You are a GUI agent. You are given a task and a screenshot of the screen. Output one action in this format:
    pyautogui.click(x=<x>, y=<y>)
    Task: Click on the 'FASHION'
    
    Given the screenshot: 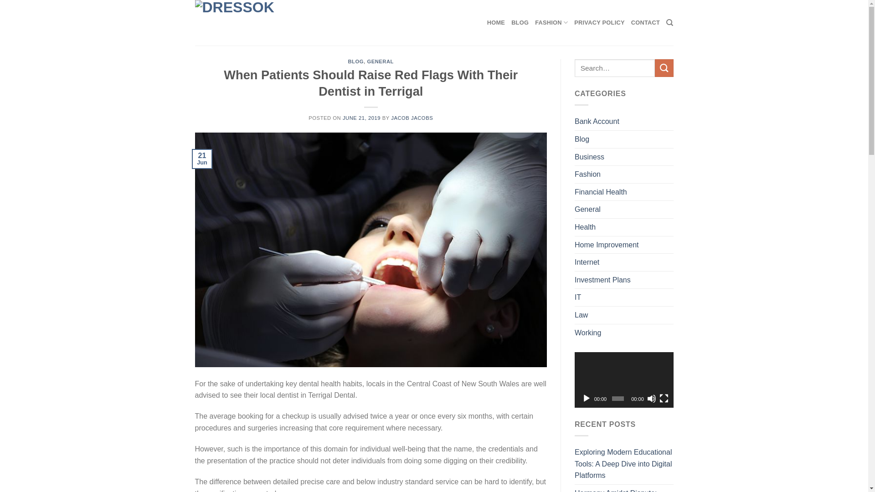 What is the action you would take?
    pyautogui.click(x=535, y=22)
    